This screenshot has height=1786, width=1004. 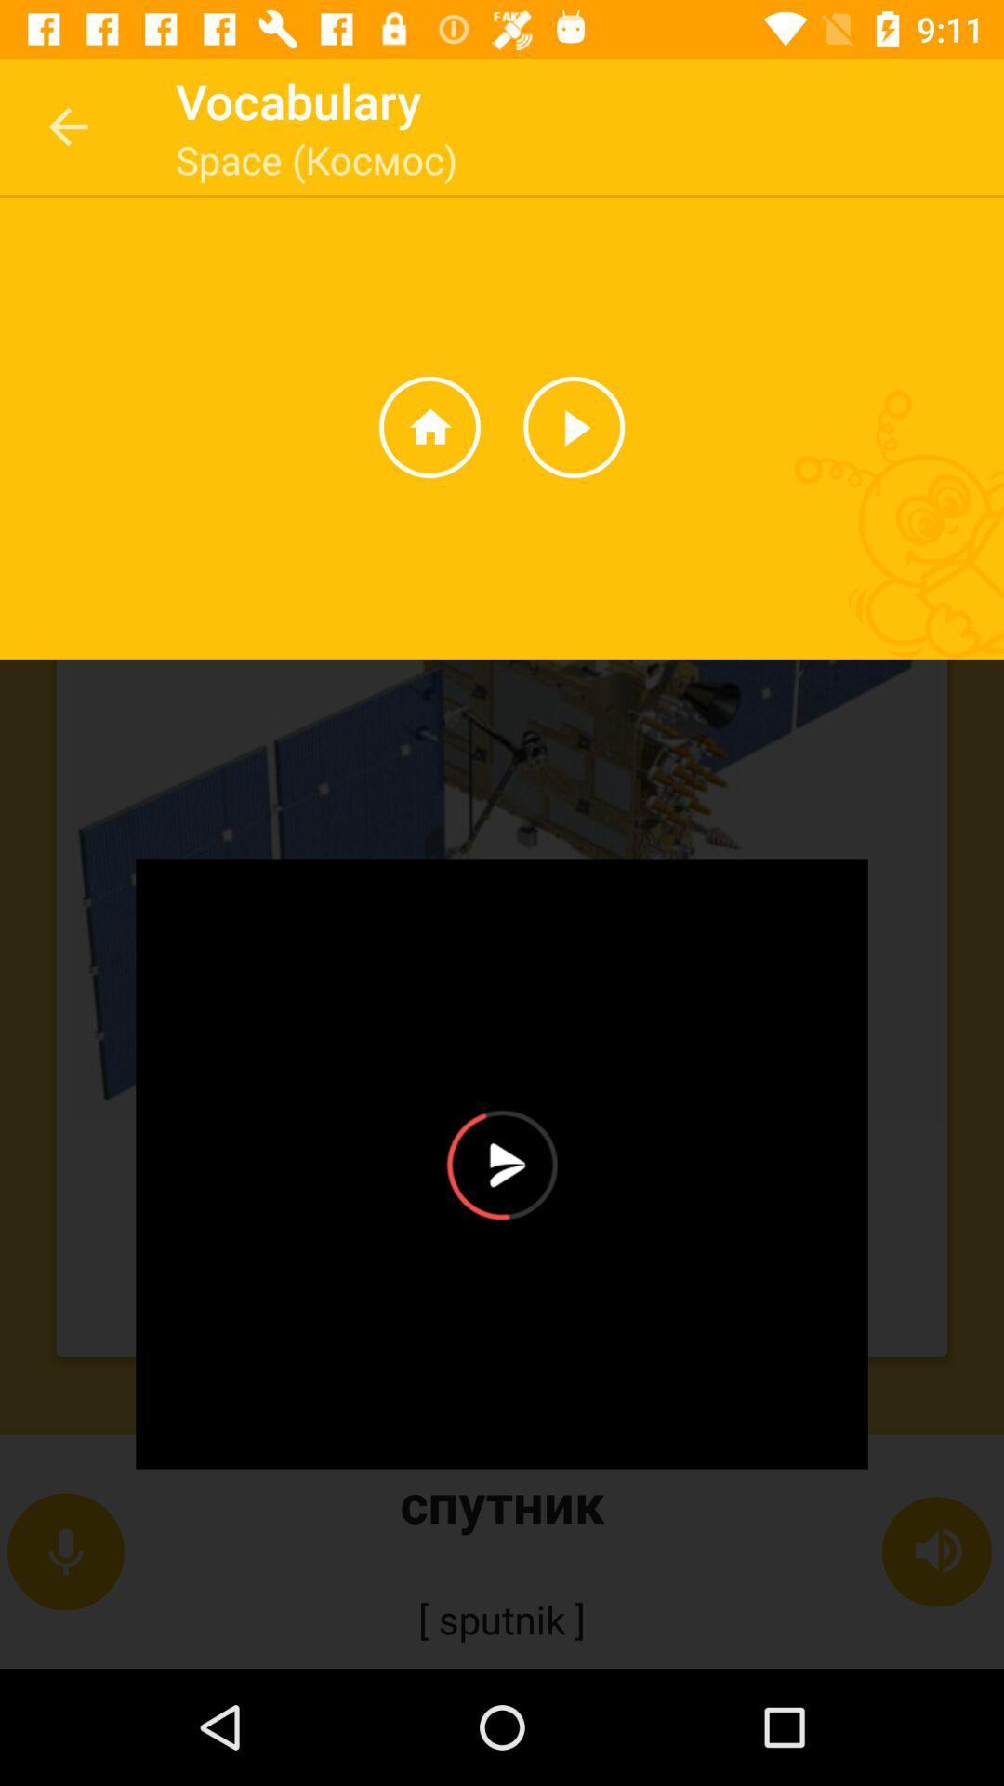 I want to click on the volume icon, so click(x=938, y=1552).